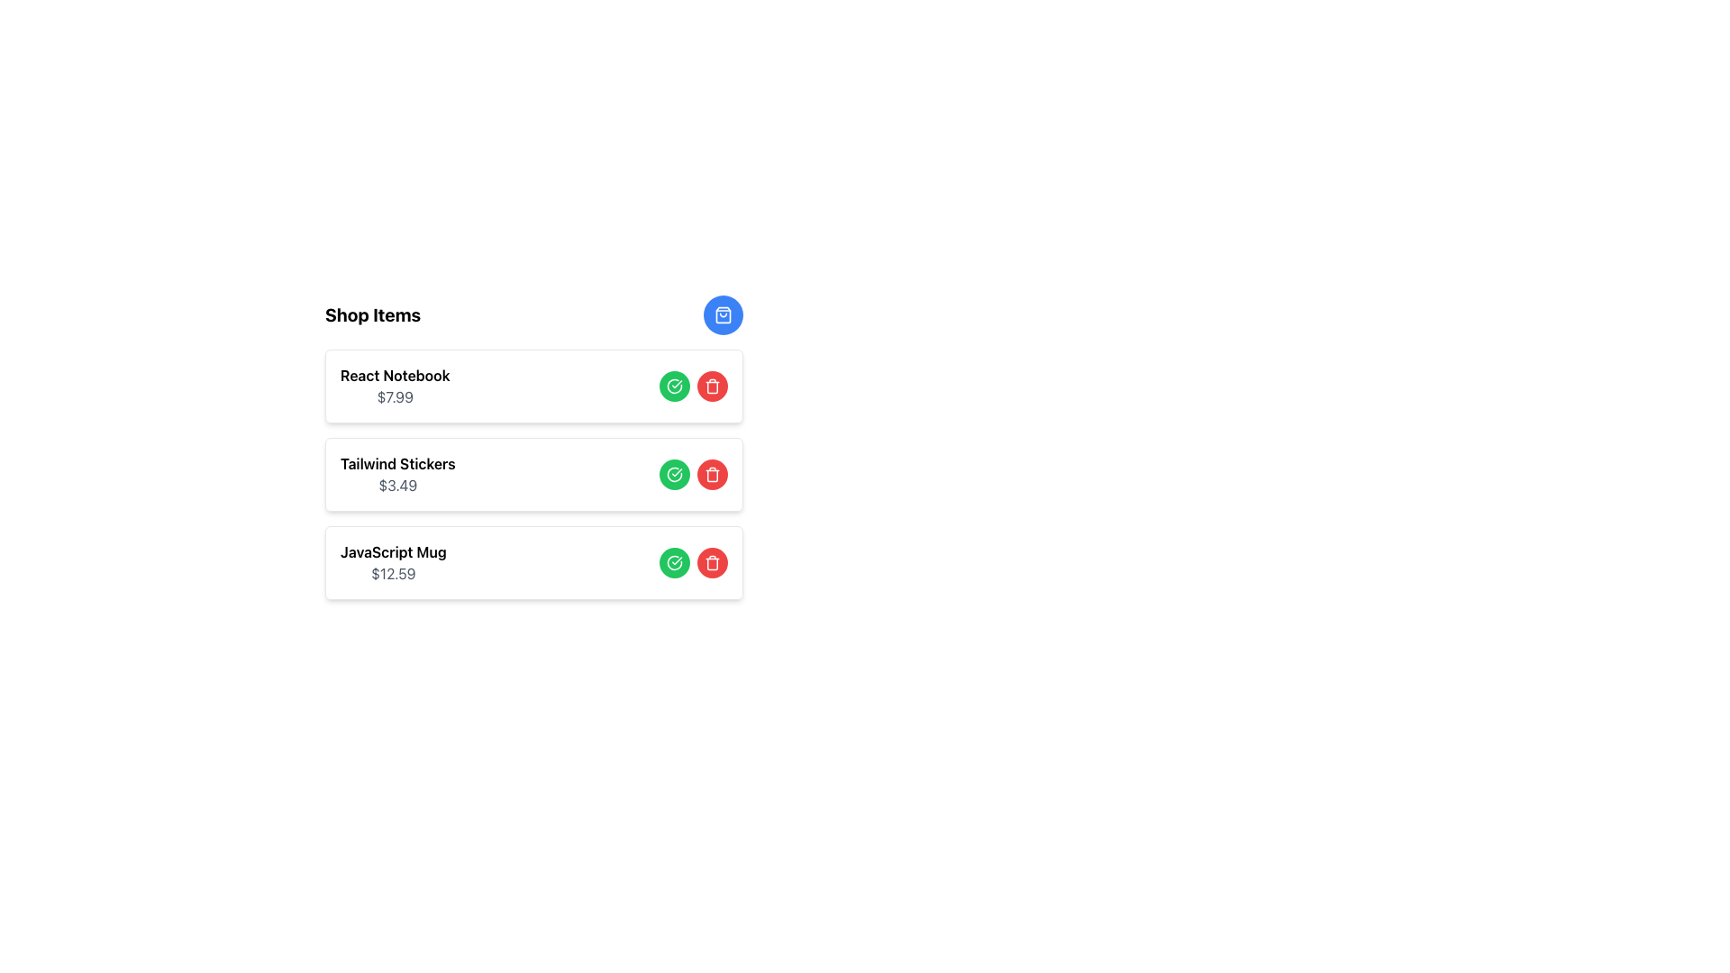 This screenshot has height=973, width=1730. I want to click on the first green circular button with a white checkmark symbol in the 'React Notebook' list item for keyboard navigation, so click(673, 385).